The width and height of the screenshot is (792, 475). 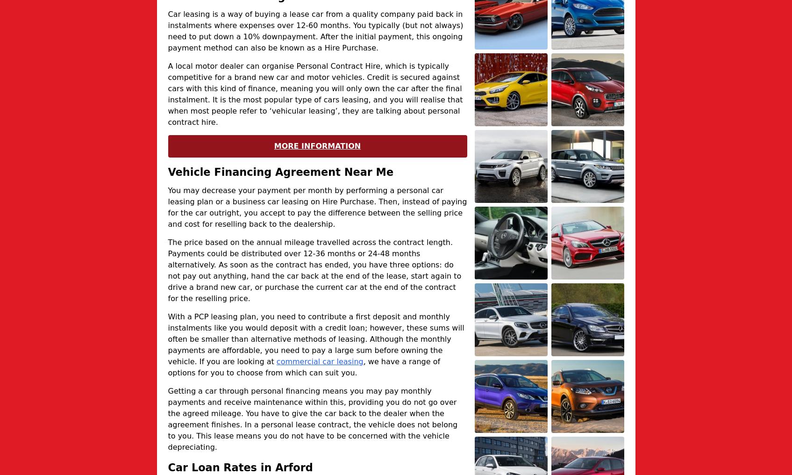 What do you see at coordinates (167, 206) in the screenshot?
I see `'You may decrease your payment per month by performing a personal car leasing plan or a business car leasing on Hire Purchase. Then, instead of paying for the car outright, you accept to pay the difference between the selling price and cost for reselling back to the dealership.'` at bounding box center [167, 206].